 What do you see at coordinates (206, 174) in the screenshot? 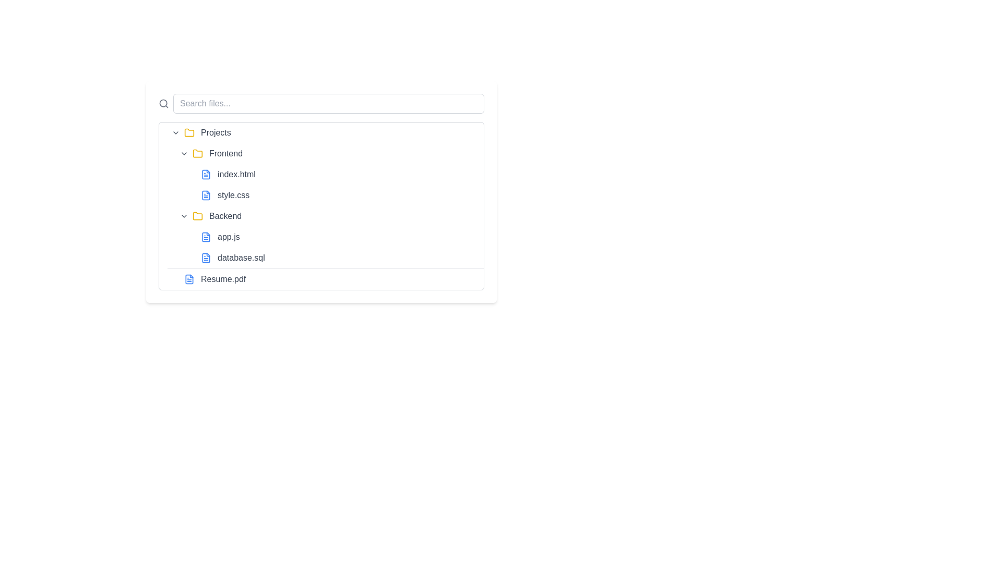
I see `the rectangular-shaped file icon with a light blue color scheme that represents 'index.html'` at bounding box center [206, 174].